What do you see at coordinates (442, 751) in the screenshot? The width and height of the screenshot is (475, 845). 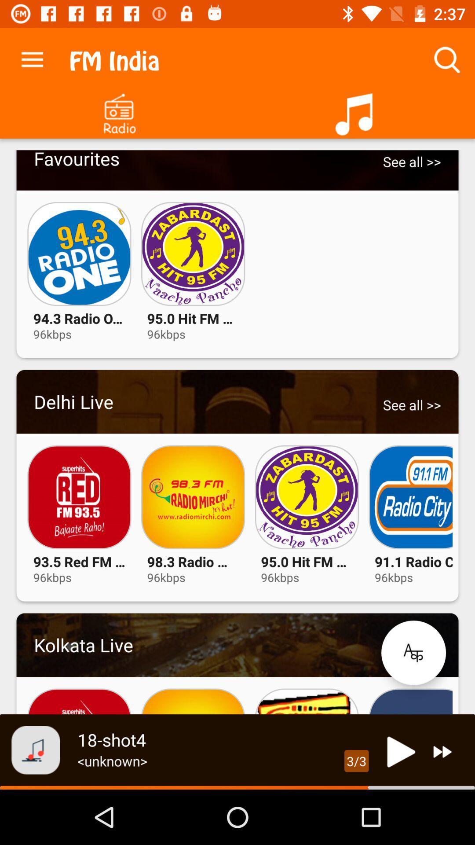 I see `next song` at bounding box center [442, 751].